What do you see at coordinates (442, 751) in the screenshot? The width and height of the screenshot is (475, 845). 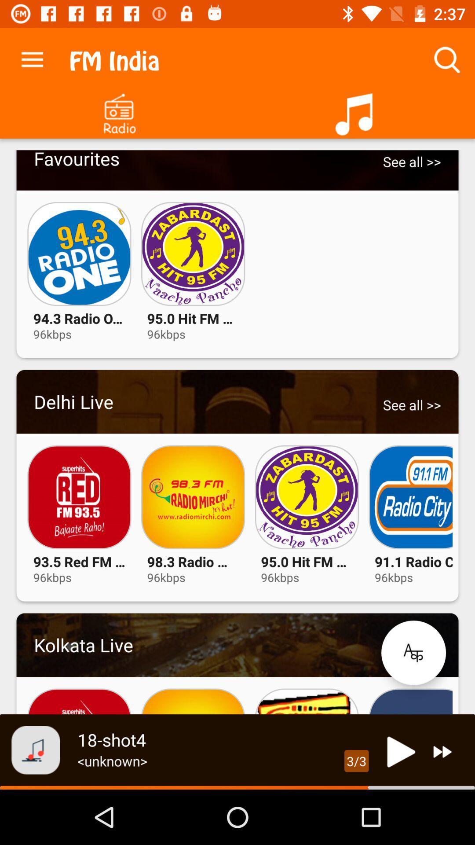 I see `next song` at bounding box center [442, 751].